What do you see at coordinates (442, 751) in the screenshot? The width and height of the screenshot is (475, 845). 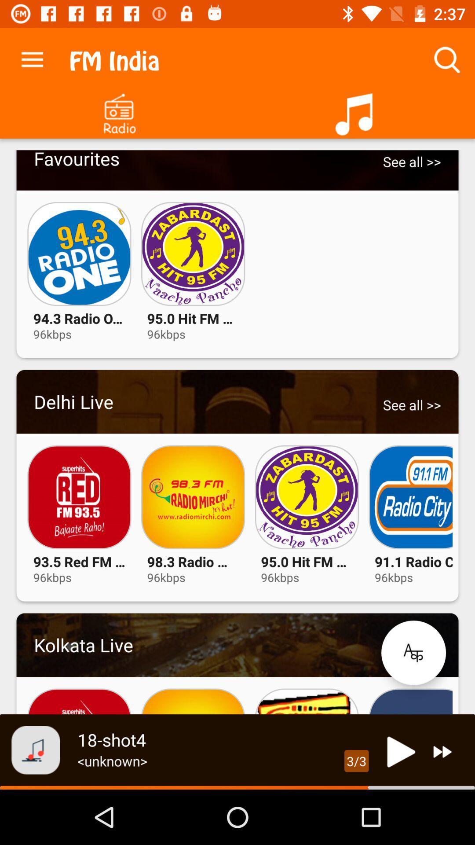 I see `next song` at bounding box center [442, 751].